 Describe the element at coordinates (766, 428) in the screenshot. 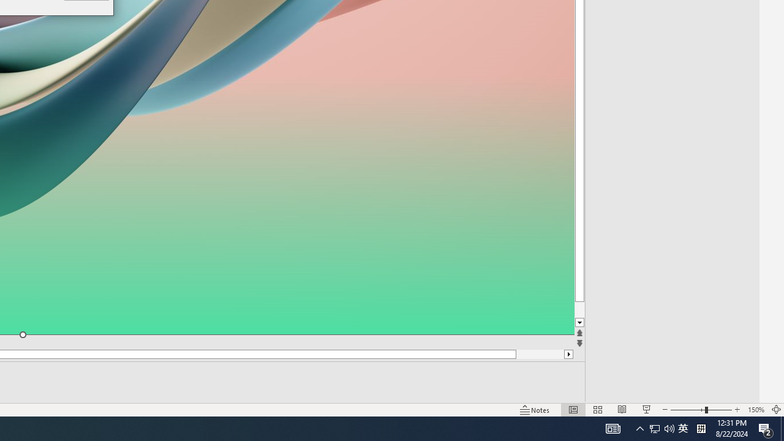

I see `'Action Center, 2 new notifications'` at that location.